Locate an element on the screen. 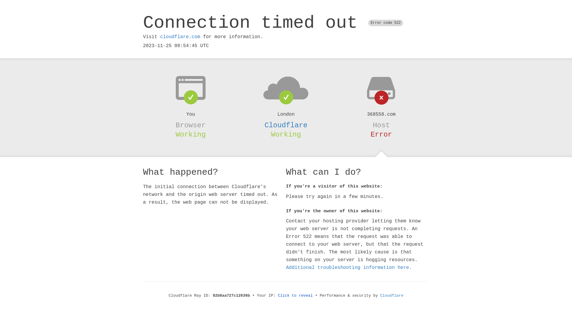  'Additional troubleshooting information here.' is located at coordinates (349, 267).